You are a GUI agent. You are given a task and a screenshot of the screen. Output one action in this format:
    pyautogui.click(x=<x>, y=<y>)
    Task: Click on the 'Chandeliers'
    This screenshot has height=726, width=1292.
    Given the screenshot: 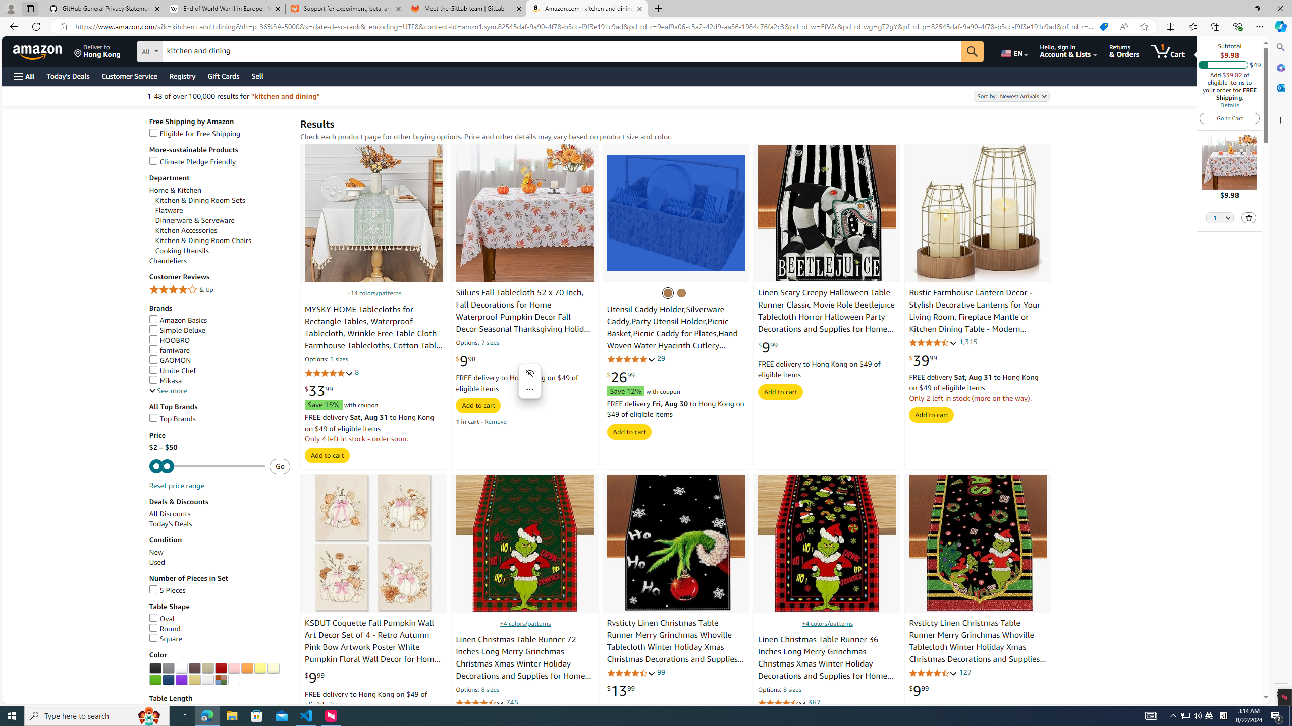 What is the action you would take?
    pyautogui.click(x=167, y=261)
    